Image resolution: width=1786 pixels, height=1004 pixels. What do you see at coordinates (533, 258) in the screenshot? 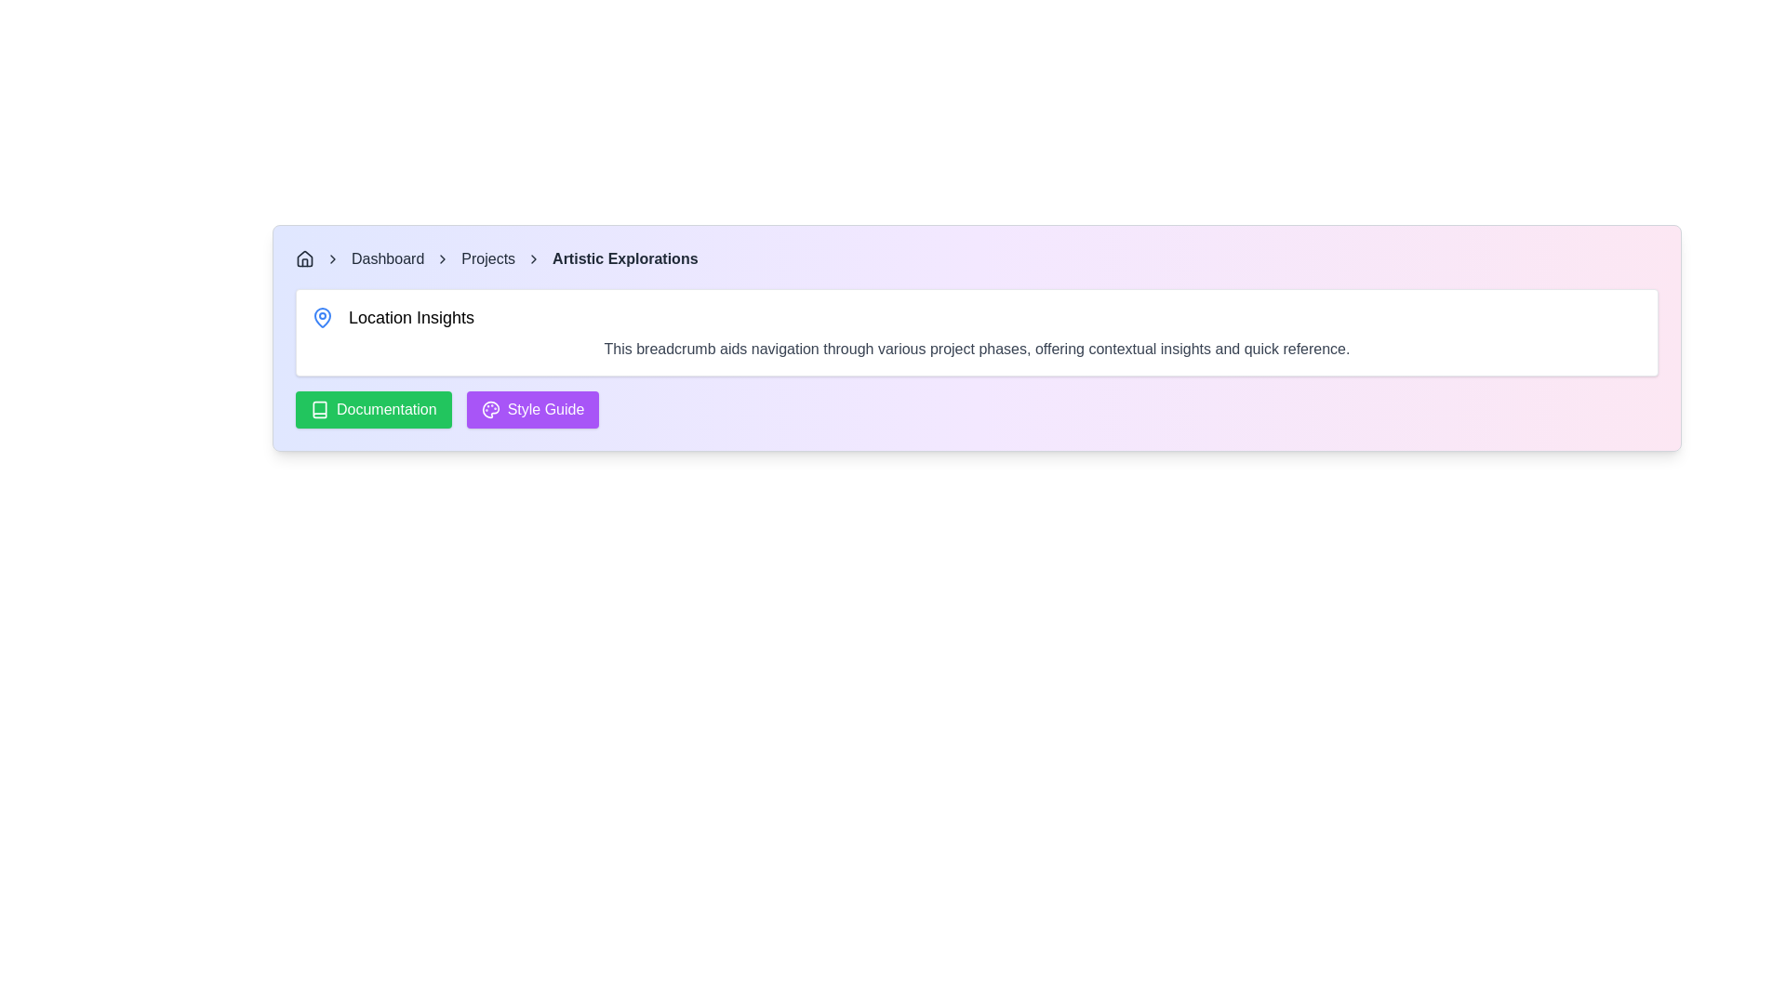
I see `the small right-pointing chevron icon in the breadcrumb navigation bar that follows the text 'Projects' and precedes 'Artistic Explorations', if it is interactive` at bounding box center [533, 258].